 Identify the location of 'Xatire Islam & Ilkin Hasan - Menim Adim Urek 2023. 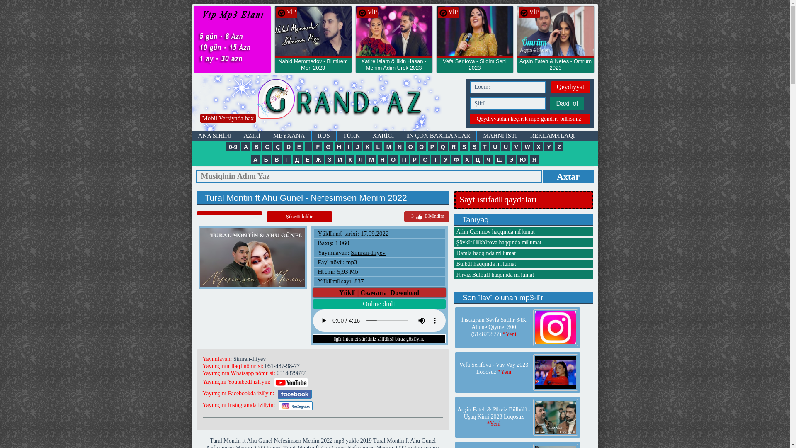
(393, 68).